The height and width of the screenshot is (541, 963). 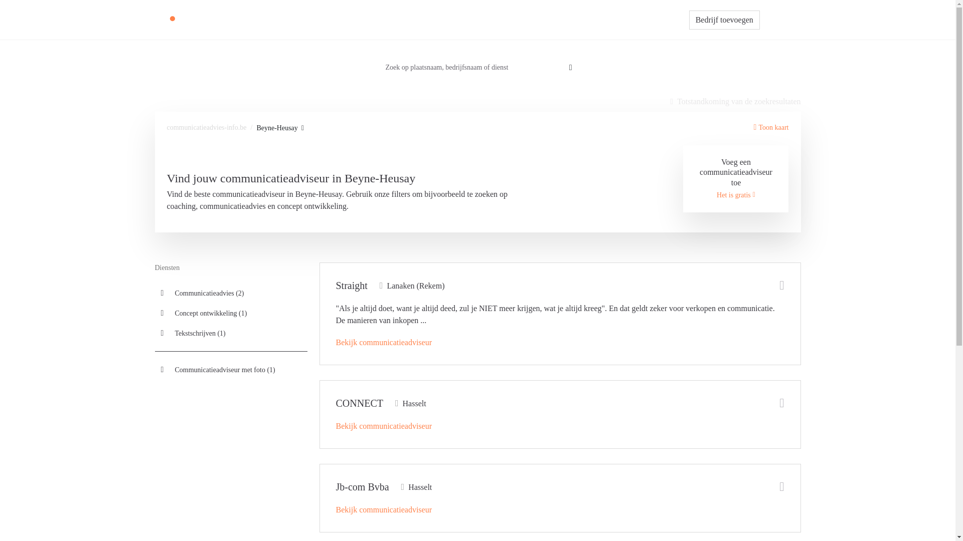 I want to click on 'Inloggen', so click(x=779, y=20).